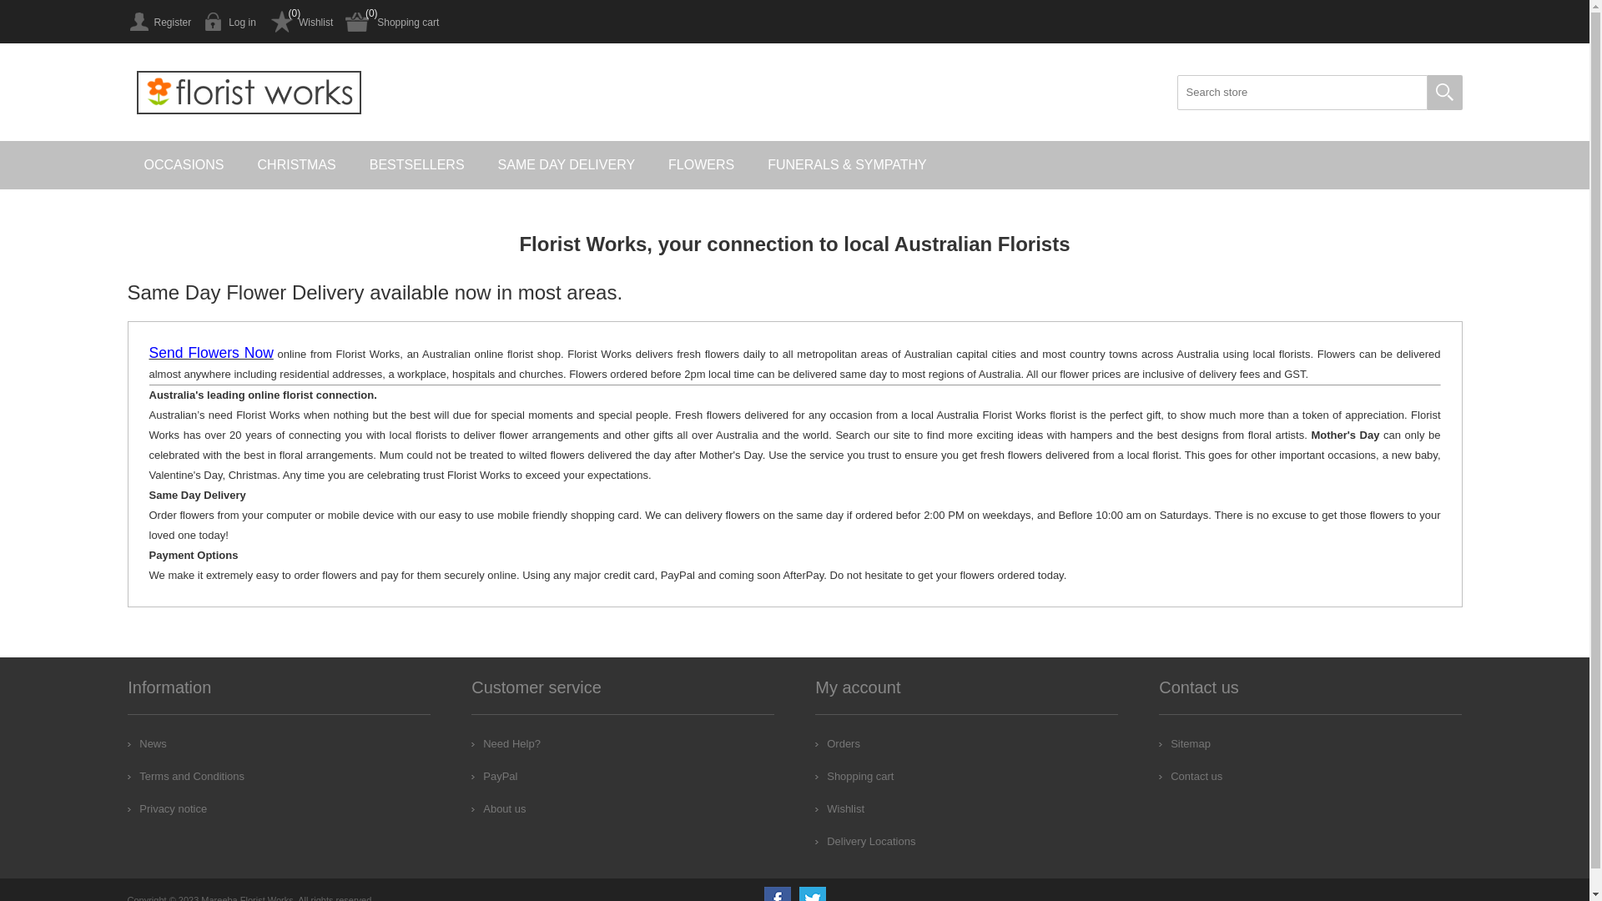 Image resolution: width=1602 pixels, height=901 pixels. What do you see at coordinates (185, 776) in the screenshot?
I see `'Terms and Conditions'` at bounding box center [185, 776].